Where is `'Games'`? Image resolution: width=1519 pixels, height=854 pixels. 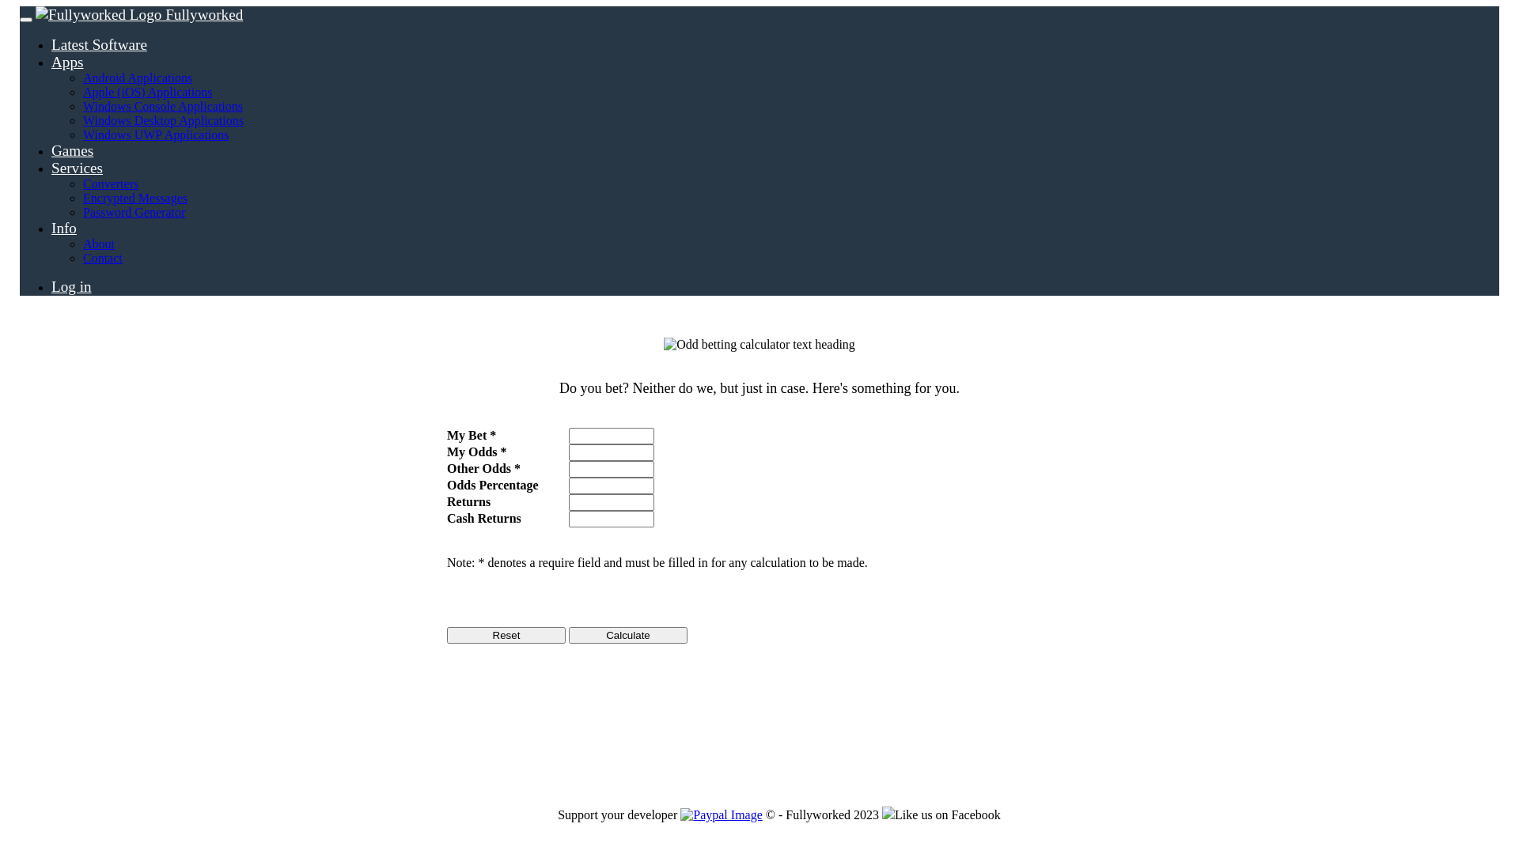
'Games' is located at coordinates (71, 138).